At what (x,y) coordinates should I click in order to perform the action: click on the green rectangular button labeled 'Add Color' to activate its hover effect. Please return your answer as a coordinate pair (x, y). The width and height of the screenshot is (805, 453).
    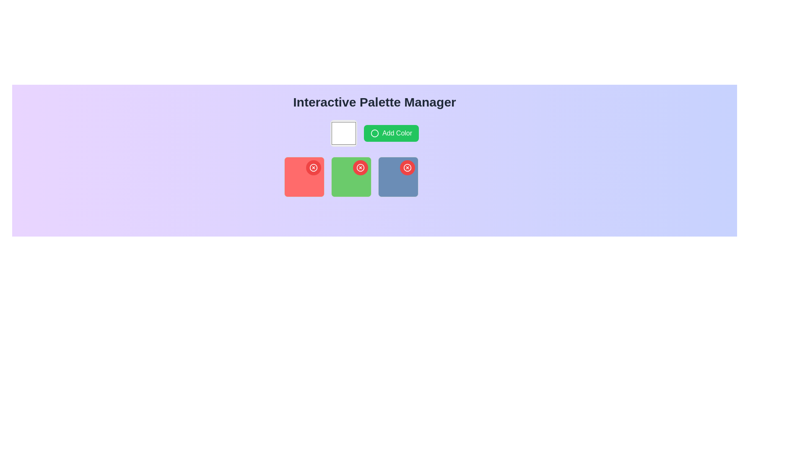
    Looking at the image, I should click on (391, 133).